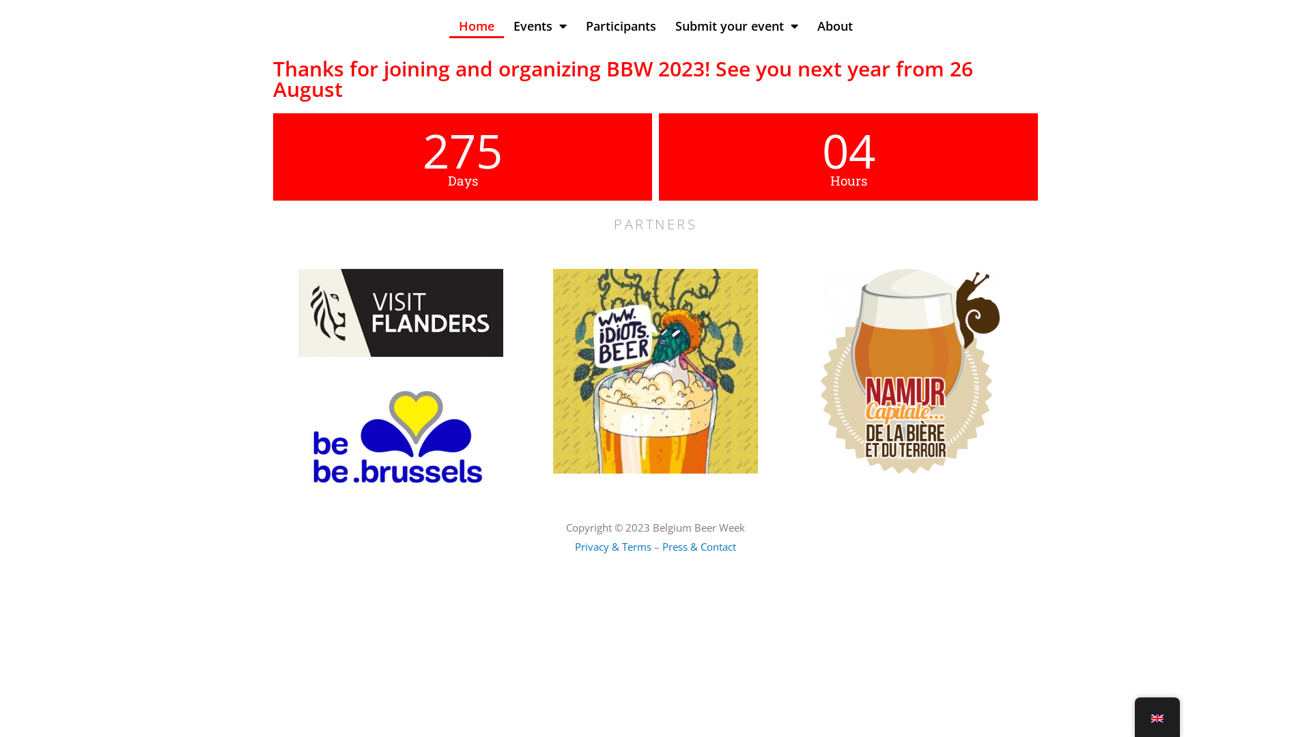 Image resolution: width=1311 pixels, height=737 pixels. I want to click on 'Privacy & Terms', so click(612, 546).